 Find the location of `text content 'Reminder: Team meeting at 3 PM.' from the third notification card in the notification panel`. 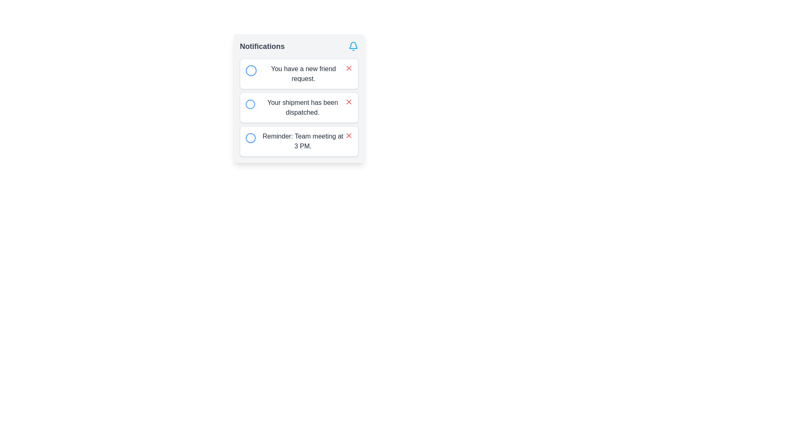

text content 'Reminder: Team meeting at 3 PM.' from the third notification card in the notification panel is located at coordinates (302, 141).